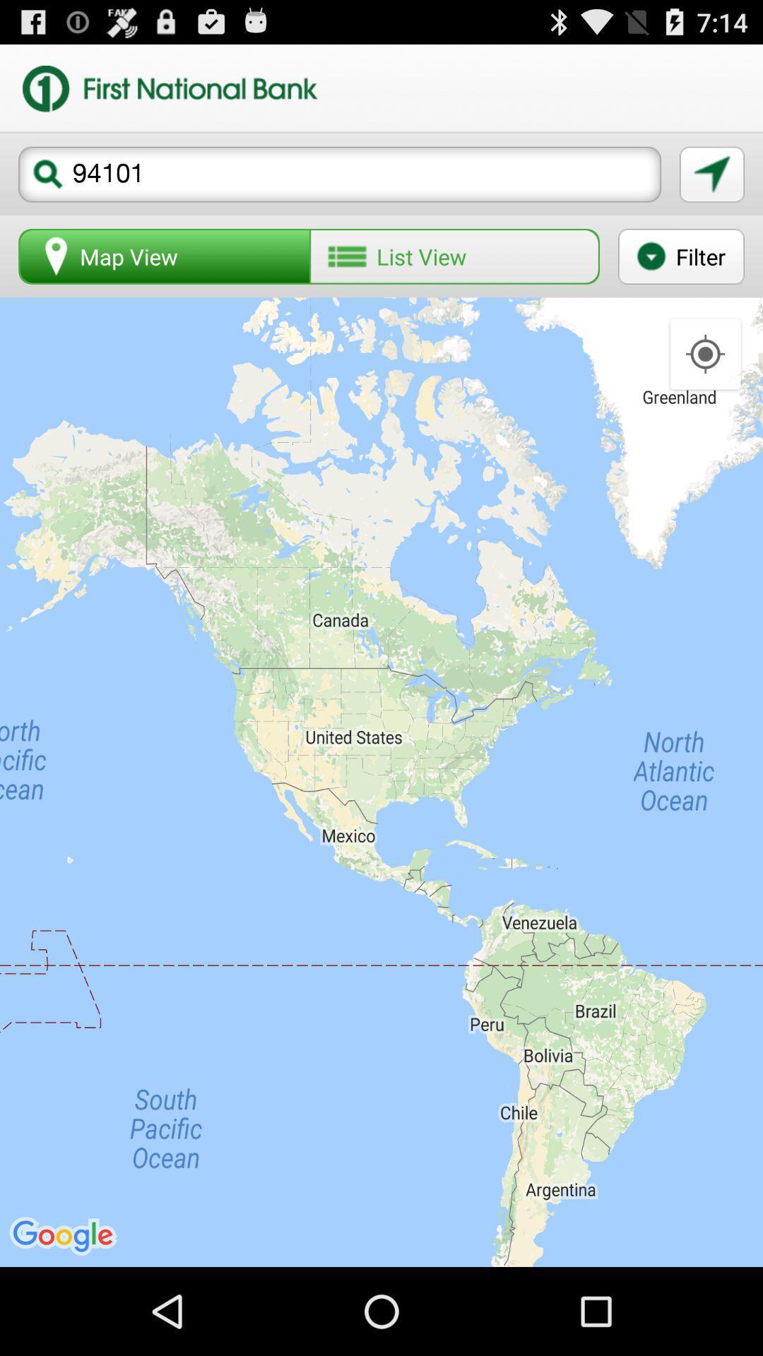 This screenshot has width=763, height=1356. What do you see at coordinates (454, 256) in the screenshot?
I see `list view icon` at bounding box center [454, 256].